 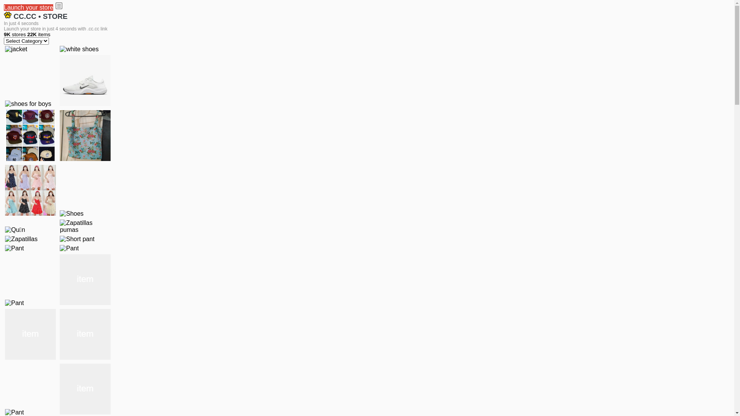 I want to click on 'Zapatillas', so click(x=21, y=239).